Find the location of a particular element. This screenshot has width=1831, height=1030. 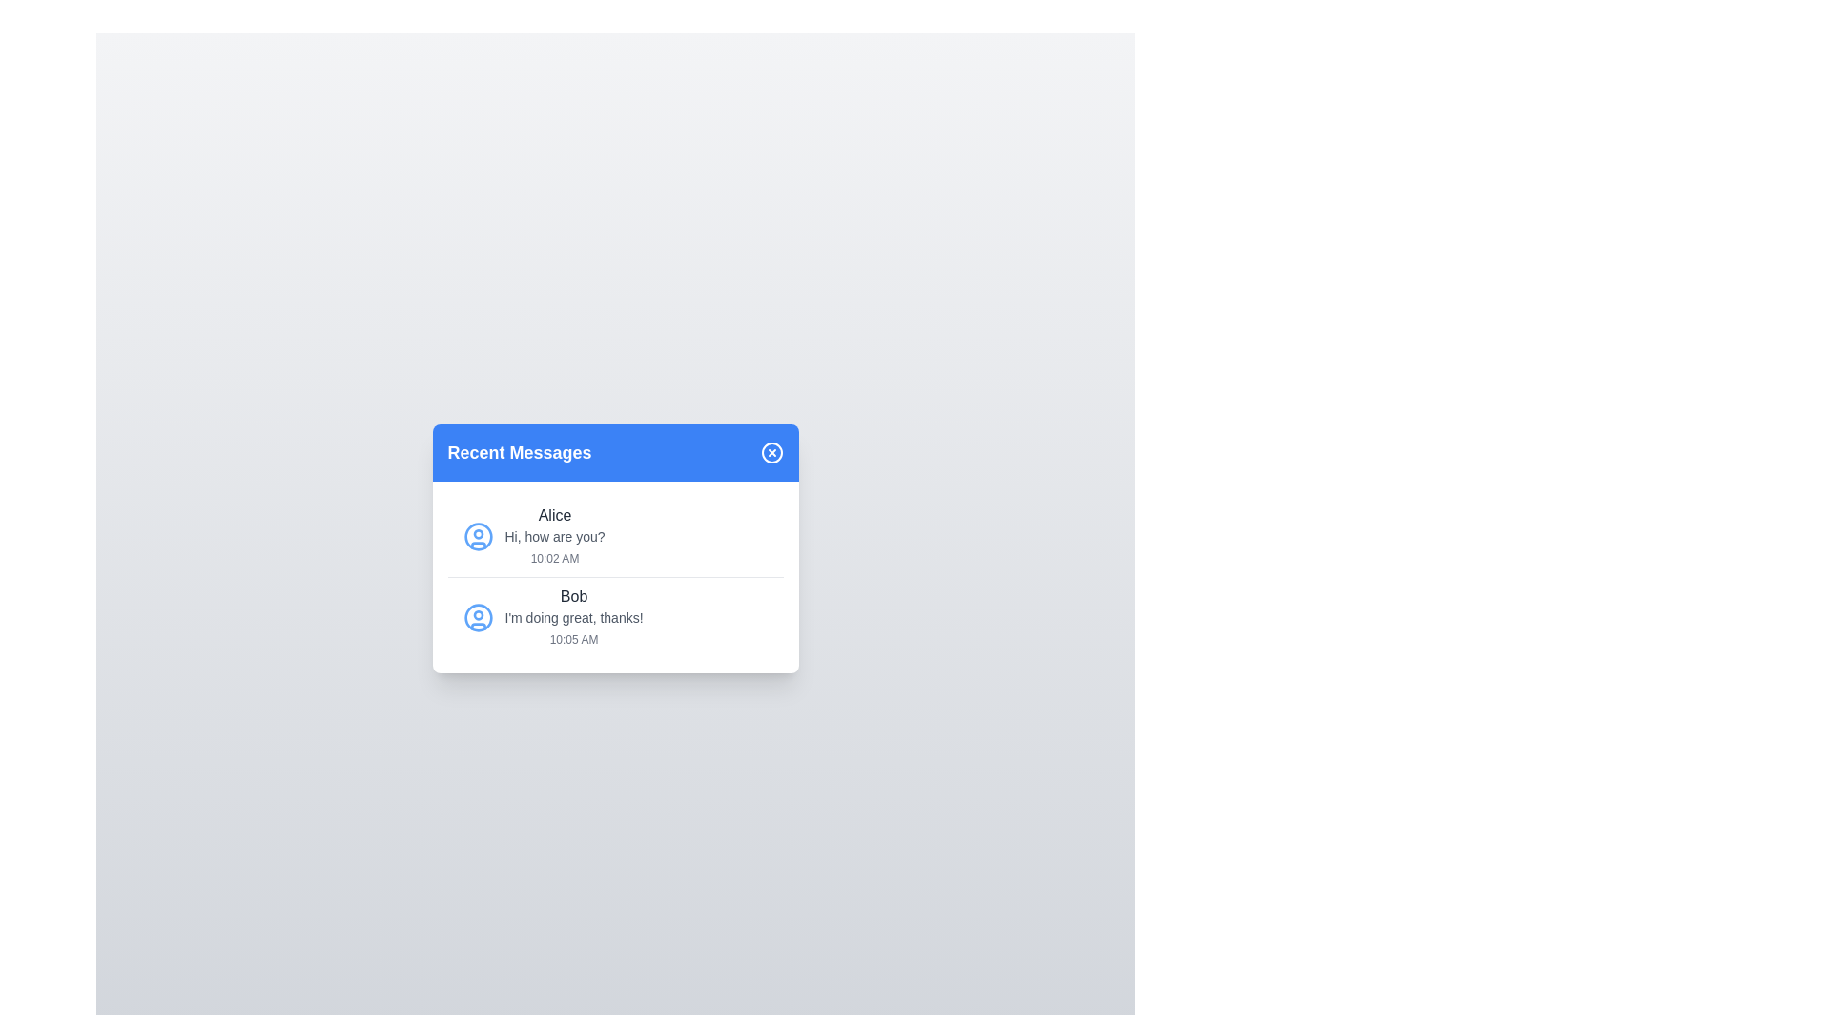

close button in the top-right corner of the dialog box is located at coordinates (771, 452).